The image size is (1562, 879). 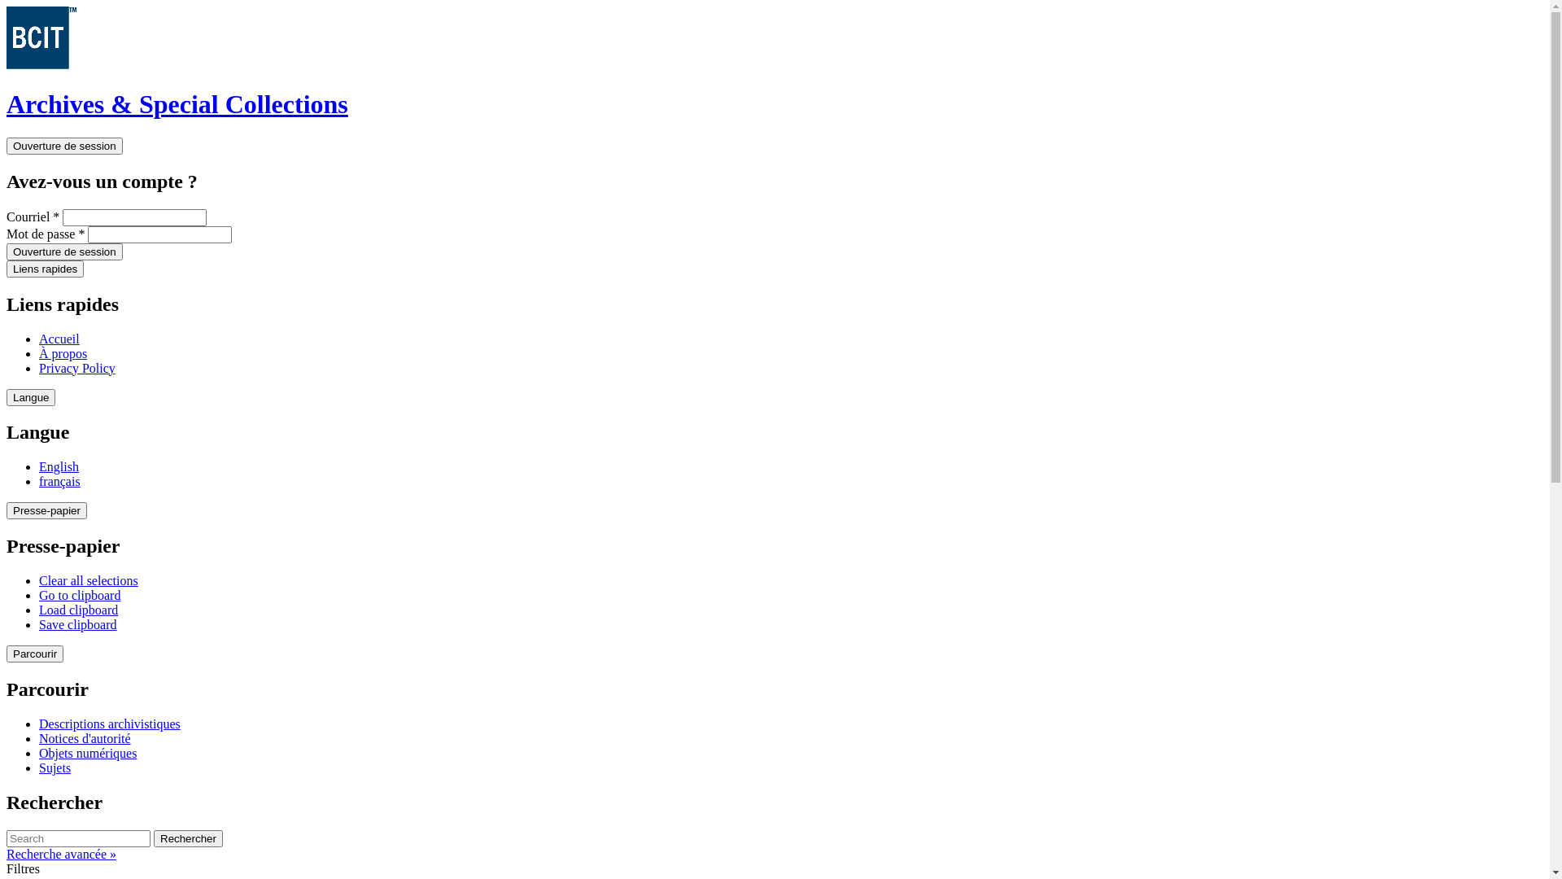 I want to click on 'Rechercher', so click(x=188, y=838).